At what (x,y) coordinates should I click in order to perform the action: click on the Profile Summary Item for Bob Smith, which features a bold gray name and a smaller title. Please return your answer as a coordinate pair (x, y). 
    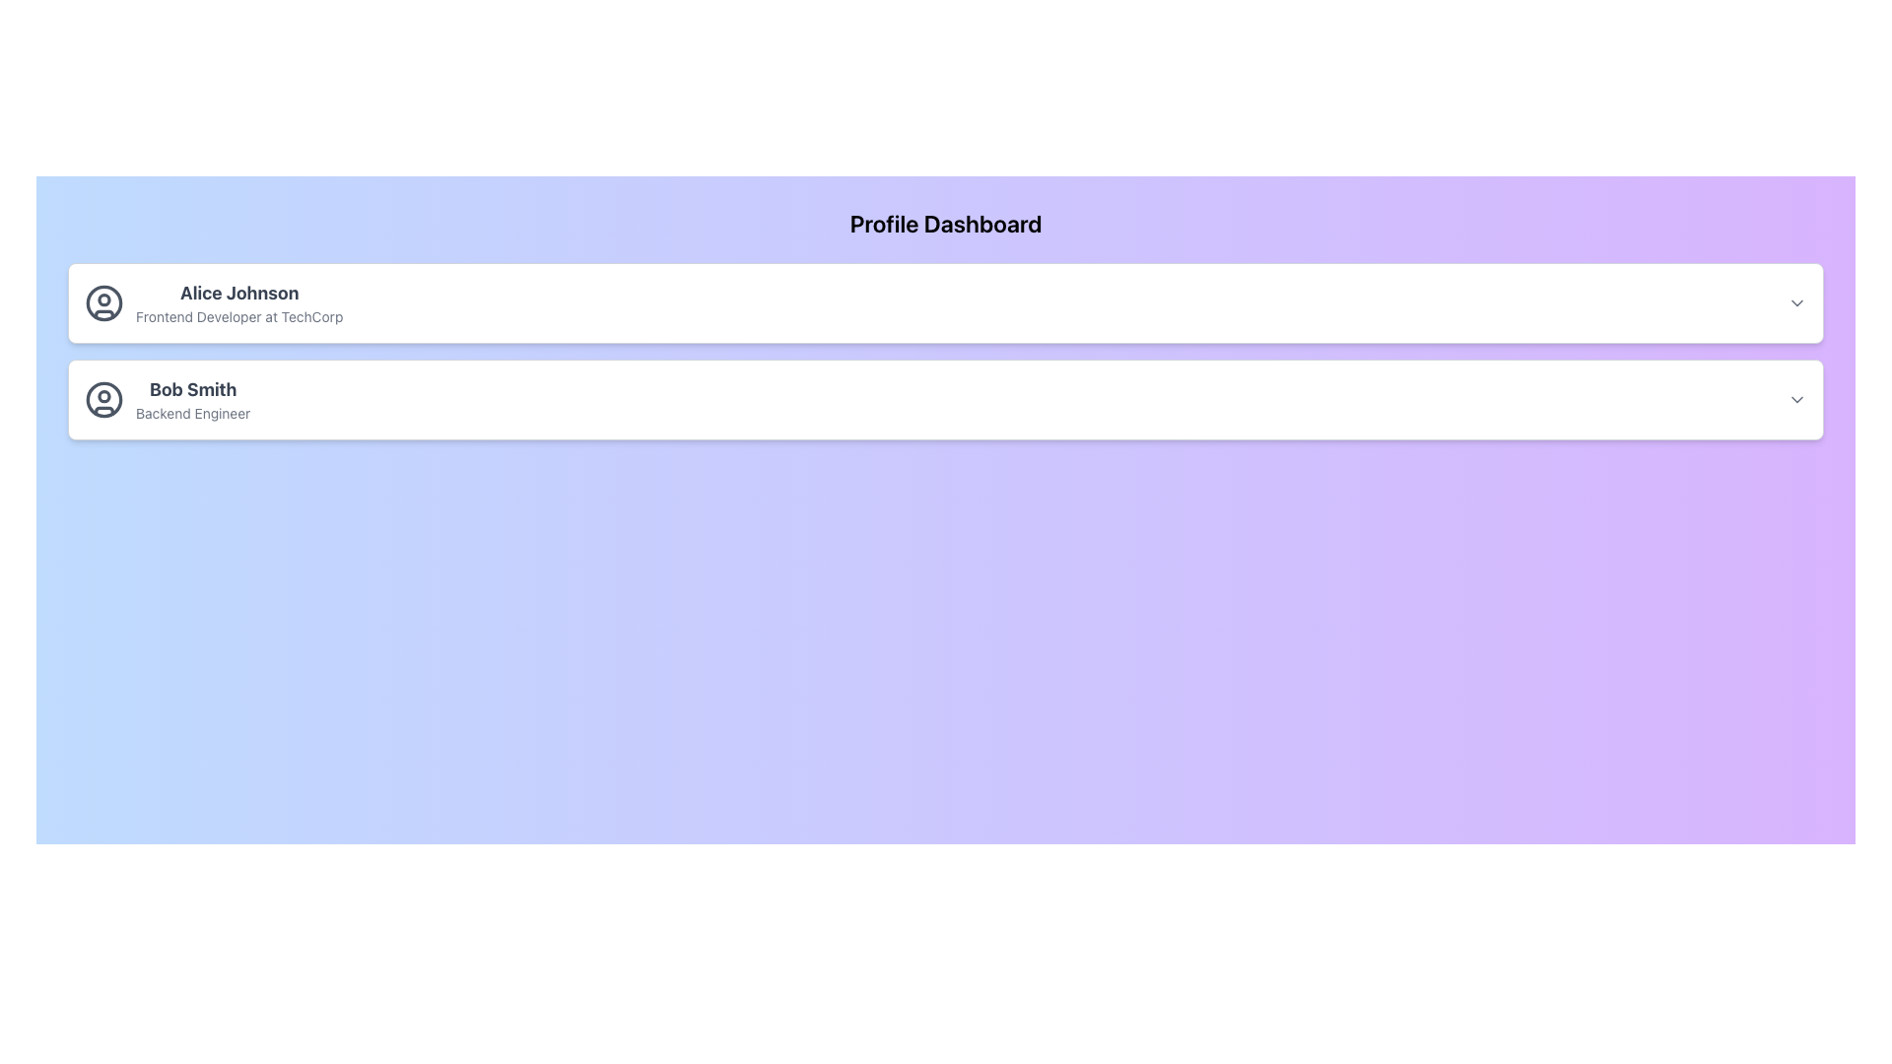
    Looking at the image, I should click on (168, 399).